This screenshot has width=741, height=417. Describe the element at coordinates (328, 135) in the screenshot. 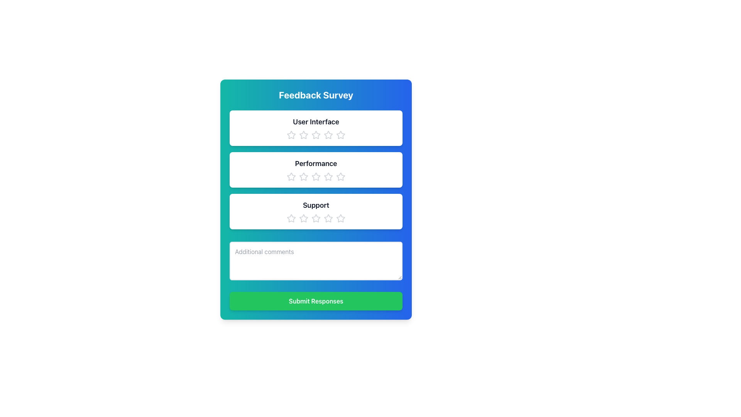

I see `the fourth star icon in the rating system for the 'User Interface' category to rate it` at that location.